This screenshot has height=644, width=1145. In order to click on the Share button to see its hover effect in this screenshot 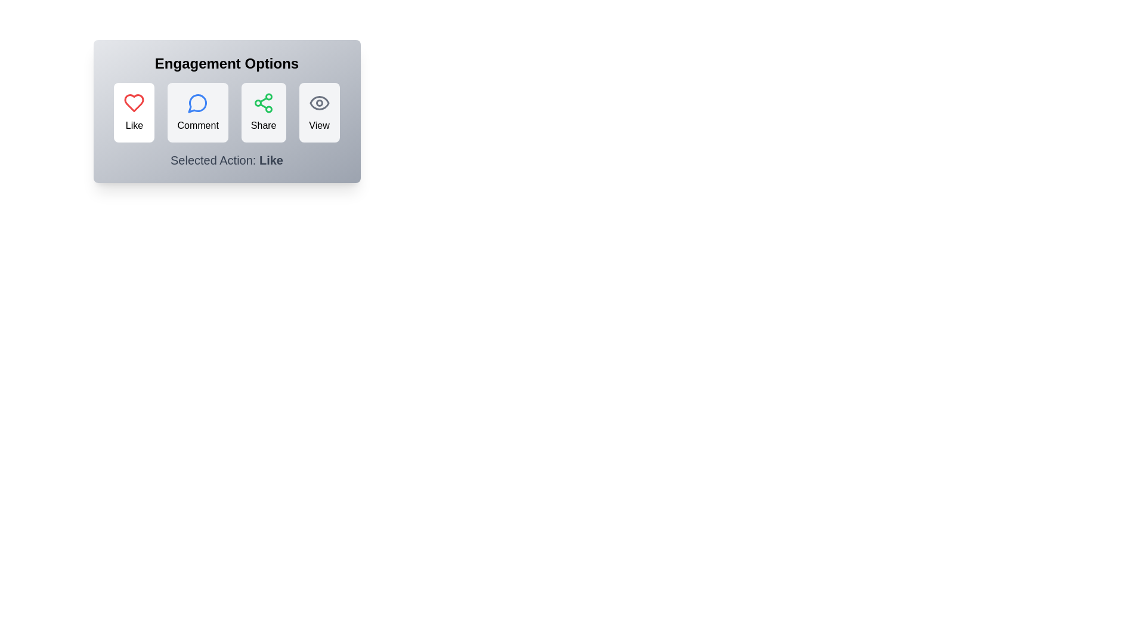, I will do `click(263, 113)`.